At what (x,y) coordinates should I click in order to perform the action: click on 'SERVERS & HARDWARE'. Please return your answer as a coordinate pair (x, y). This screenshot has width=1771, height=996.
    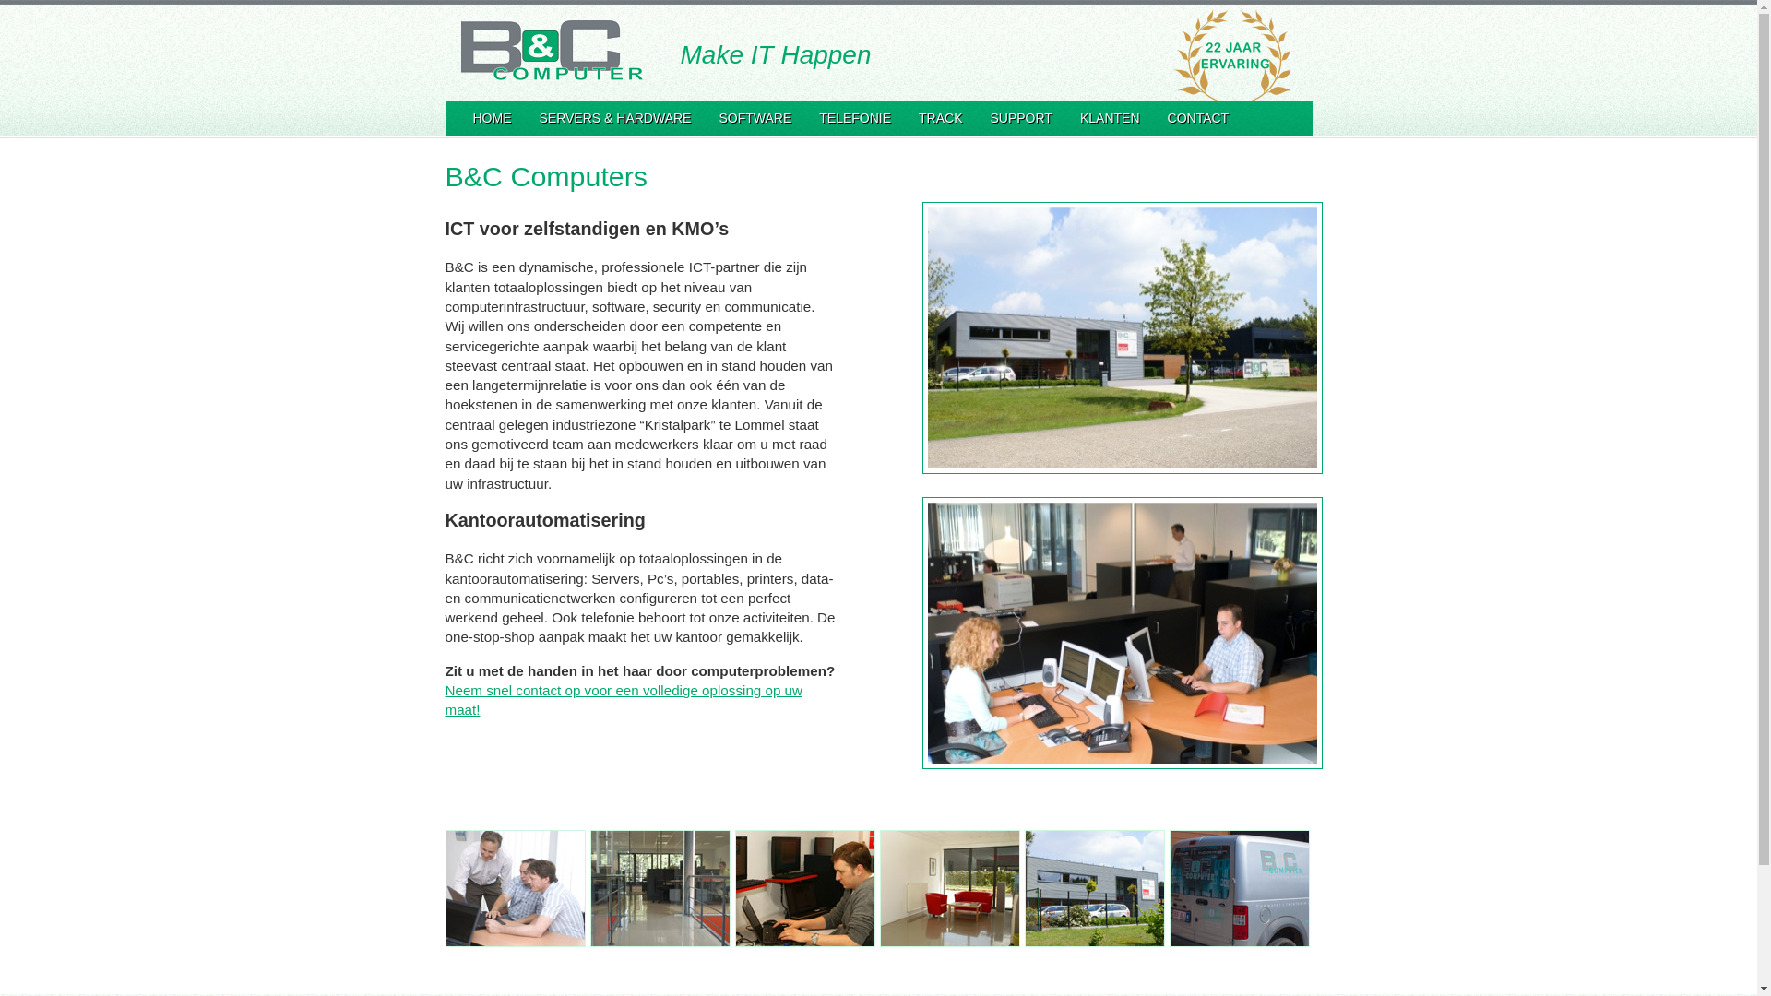
    Looking at the image, I should click on (615, 118).